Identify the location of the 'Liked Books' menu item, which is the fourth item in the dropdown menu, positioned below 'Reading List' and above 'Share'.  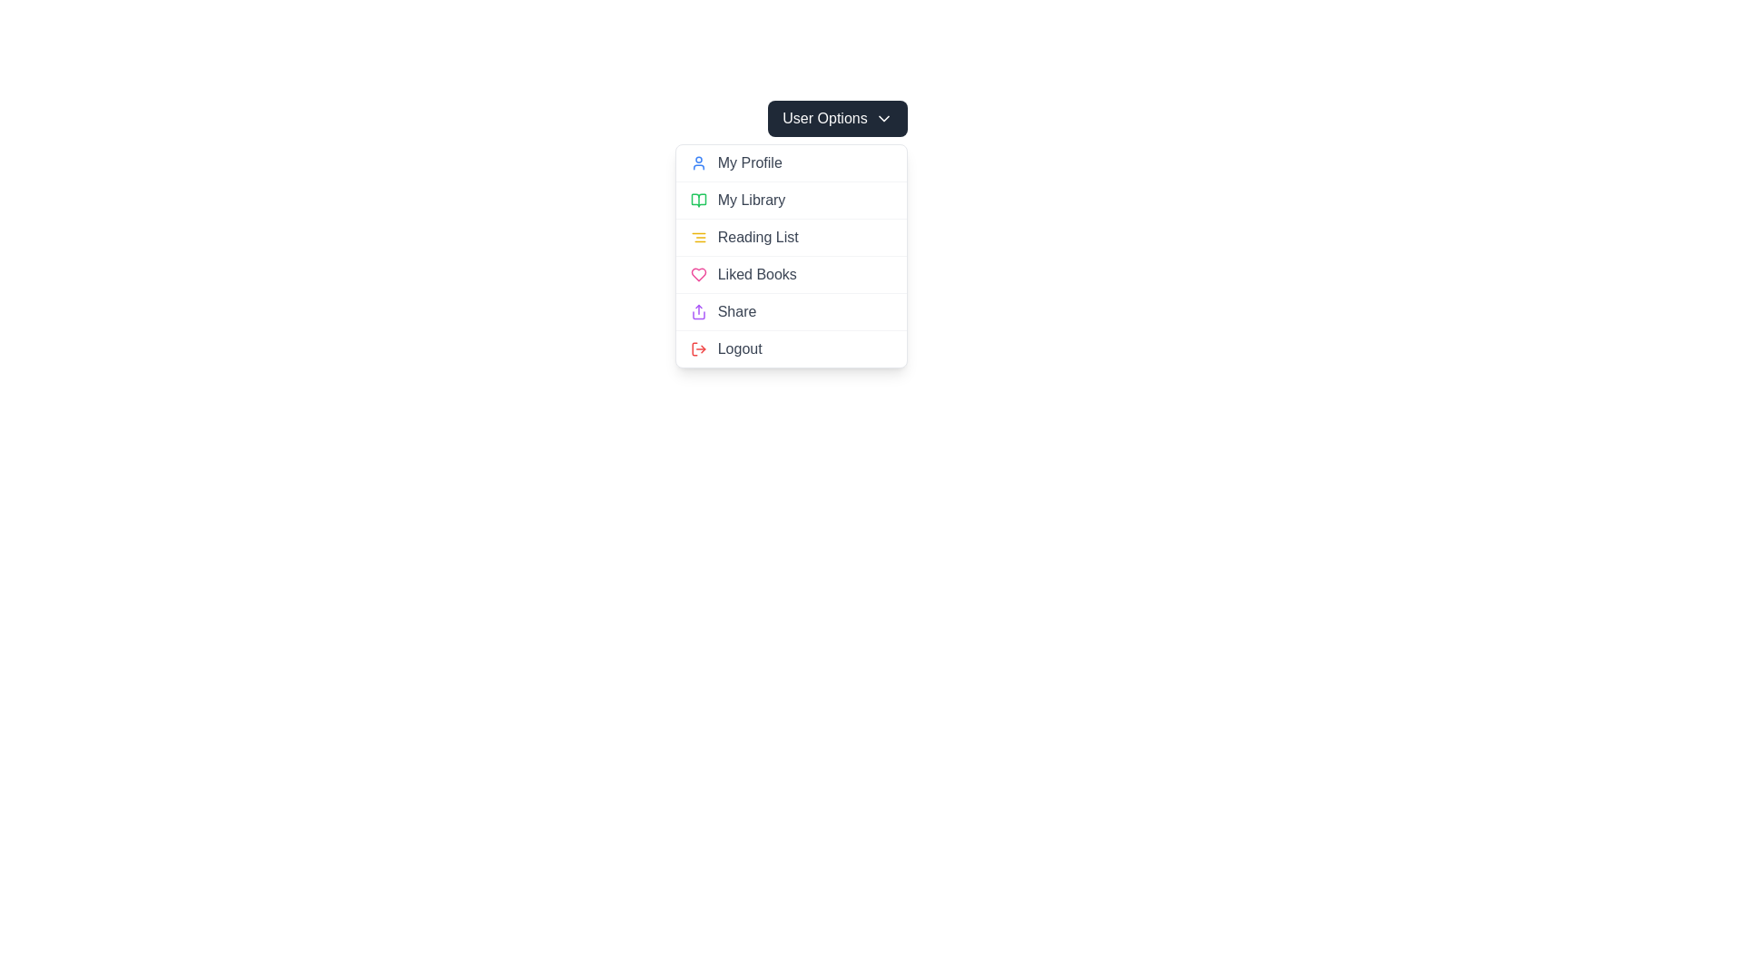
(791, 274).